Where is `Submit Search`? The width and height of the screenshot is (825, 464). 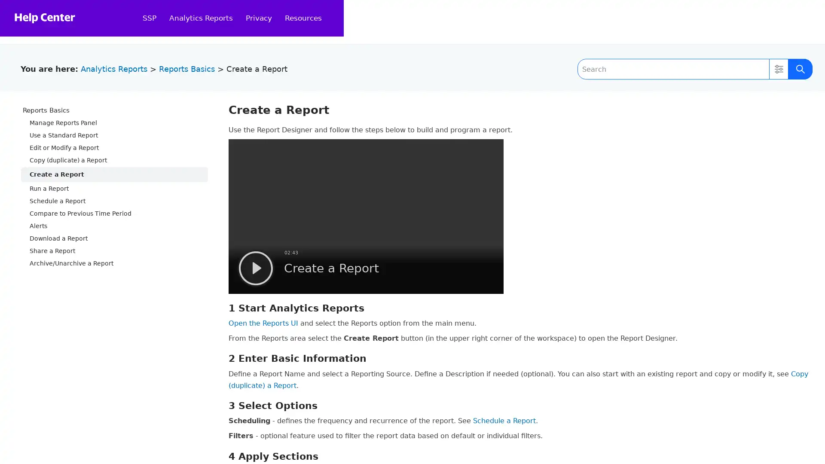 Submit Search is located at coordinates (800, 69).